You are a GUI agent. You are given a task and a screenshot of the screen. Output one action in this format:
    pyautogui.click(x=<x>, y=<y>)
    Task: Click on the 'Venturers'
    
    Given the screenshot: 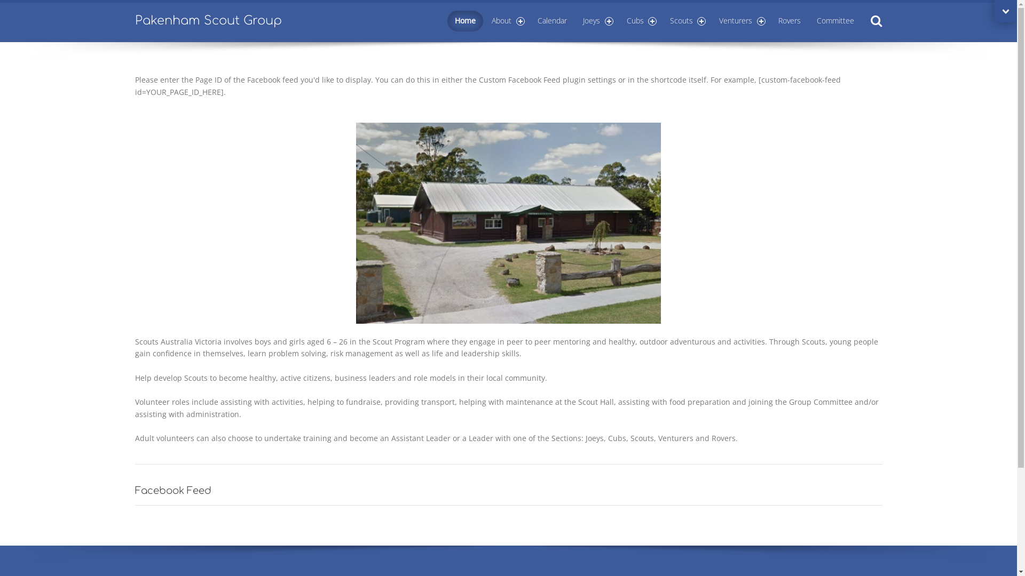 What is the action you would take?
    pyautogui.click(x=740, y=21)
    